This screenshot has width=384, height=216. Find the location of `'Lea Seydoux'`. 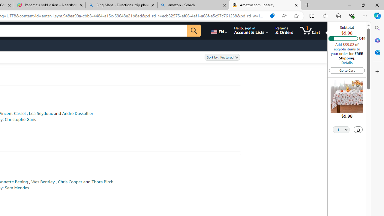

'Lea Seydoux' is located at coordinates (40, 113).